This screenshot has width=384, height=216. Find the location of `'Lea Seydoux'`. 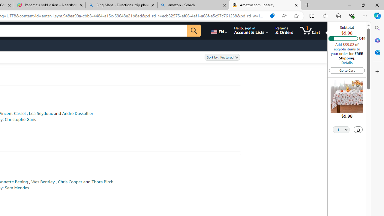

'Lea Seydoux' is located at coordinates (40, 113).